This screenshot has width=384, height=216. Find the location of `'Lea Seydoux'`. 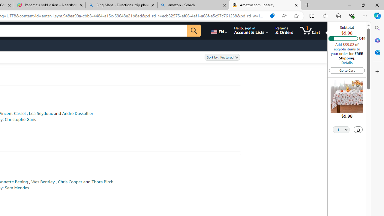

'Lea Seydoux' is located at coordinates (40, 113).